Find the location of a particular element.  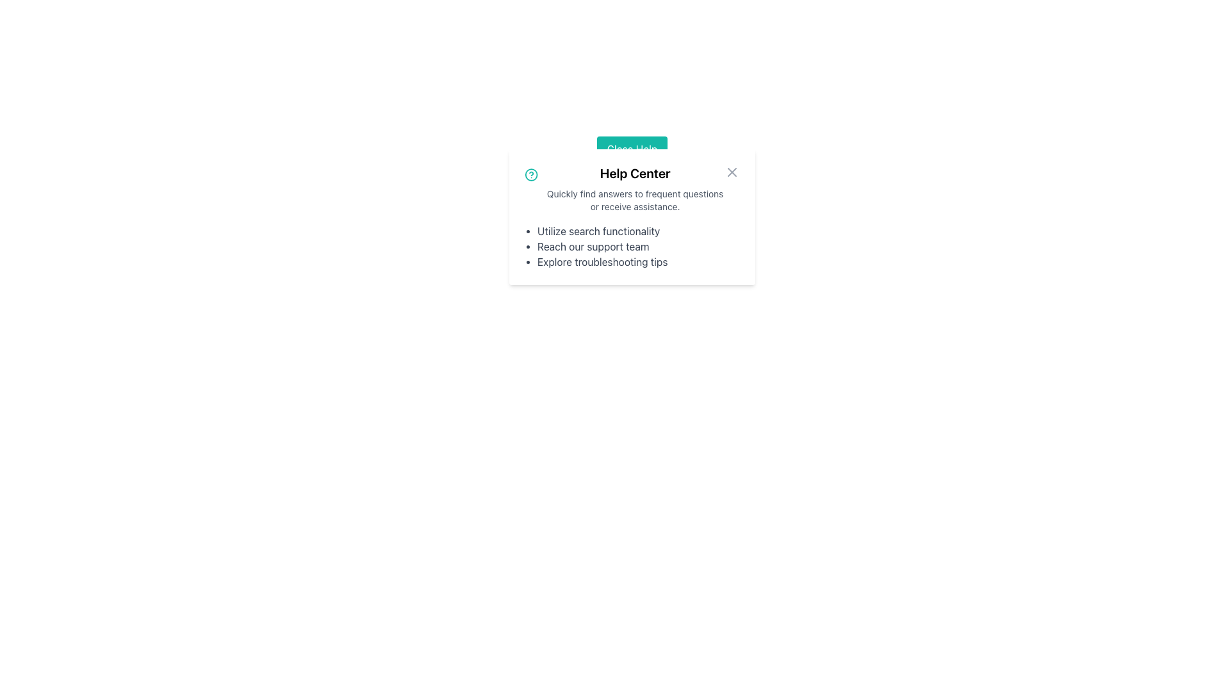

the Informational section which contains the heading and description text to read its content is located at coordinates (632, 188).